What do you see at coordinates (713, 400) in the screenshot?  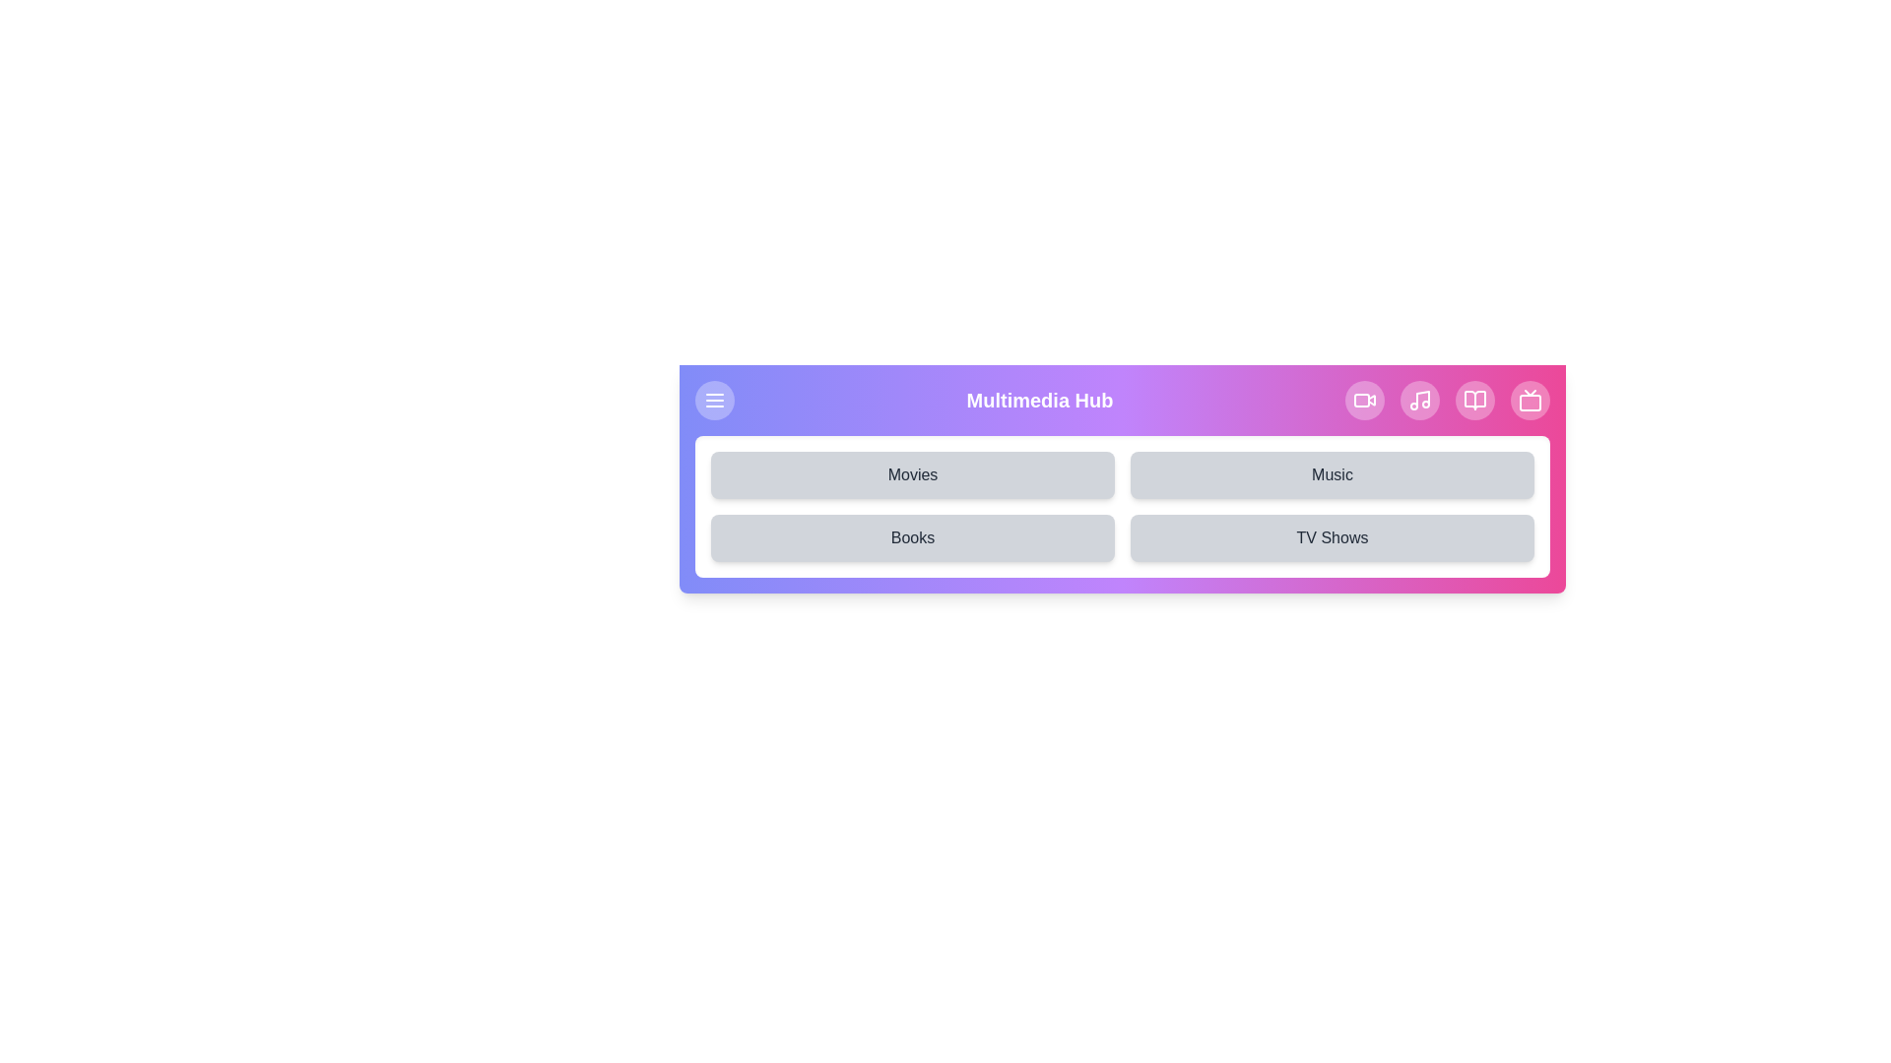 I see `the menu icon button to toggle the menu visibility` at bounding box center [713, 400].